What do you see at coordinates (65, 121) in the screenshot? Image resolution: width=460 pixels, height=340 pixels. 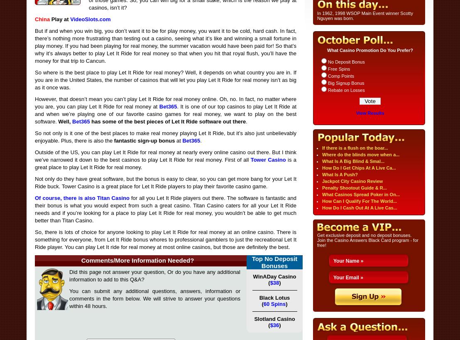 I see `'Well,'` at bounding box center [65, 121].